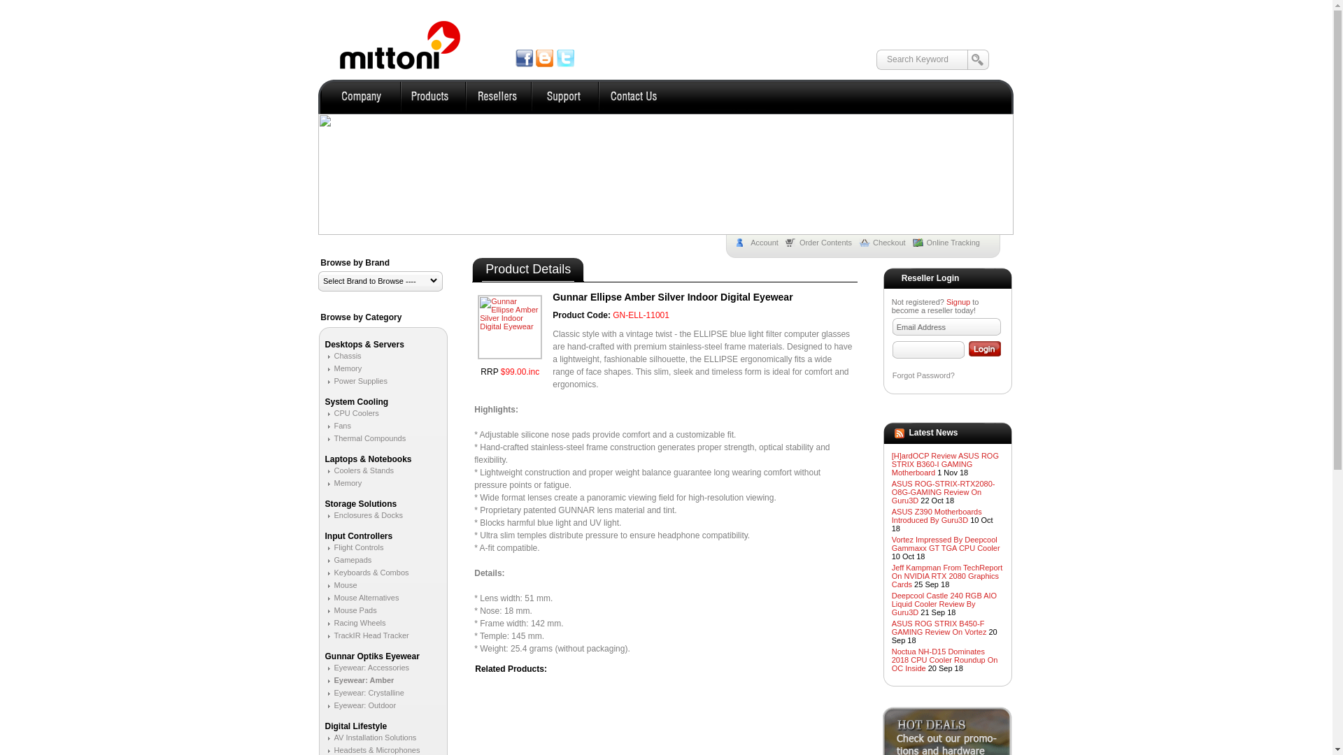 This screenshot has height=755, width=1343. Describe the element at coordinates (365, 438) in the screenshot. I see `'Thermal Compounds'` at that location.